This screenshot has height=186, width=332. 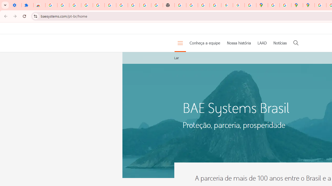 What do you see at coordinates (16, 5) in the screenshot?
I see `'Settings - On startup'` at bounding box center [16, 5].